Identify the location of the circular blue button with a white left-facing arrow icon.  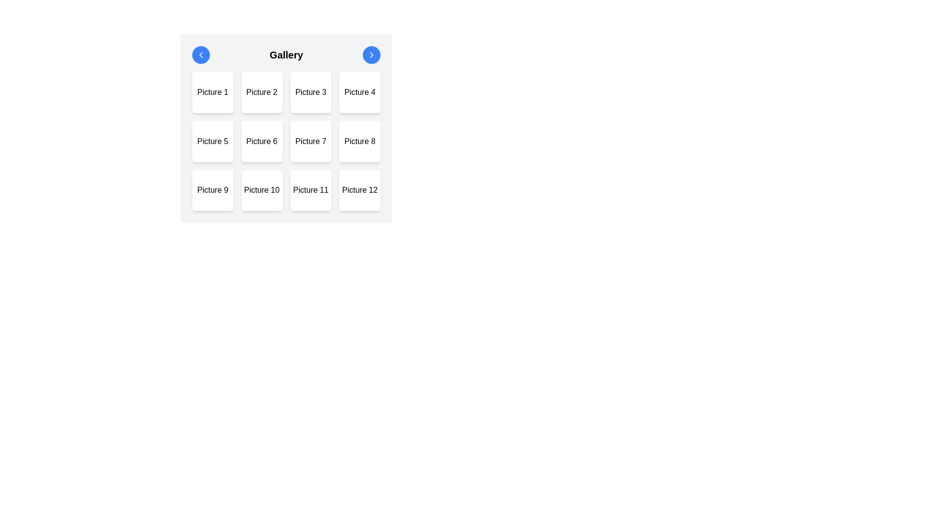
(200, 55).